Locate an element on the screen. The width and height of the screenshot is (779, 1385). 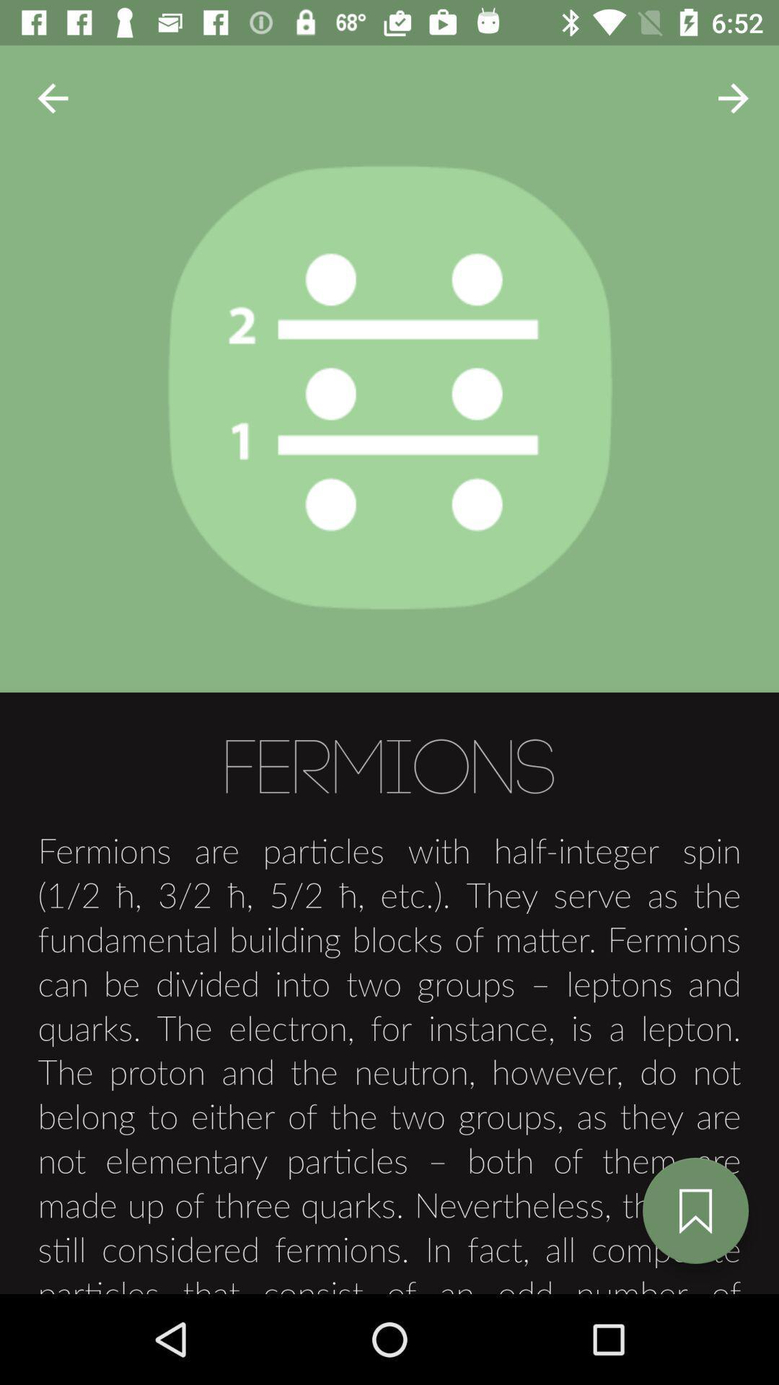
next is located at coordinates (52, 97).